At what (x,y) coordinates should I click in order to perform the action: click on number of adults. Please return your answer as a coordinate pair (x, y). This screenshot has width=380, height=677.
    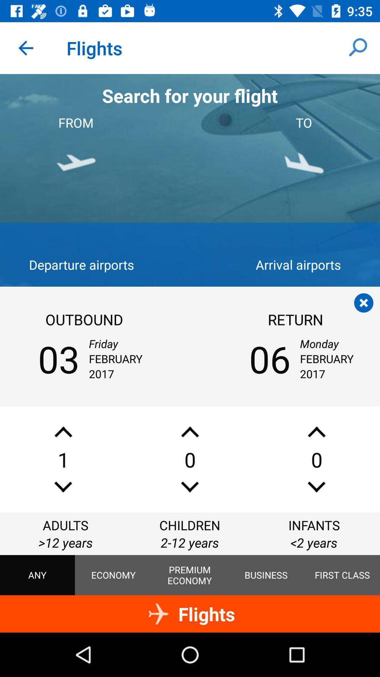
    Looking at the image, I should click on (63, 432).